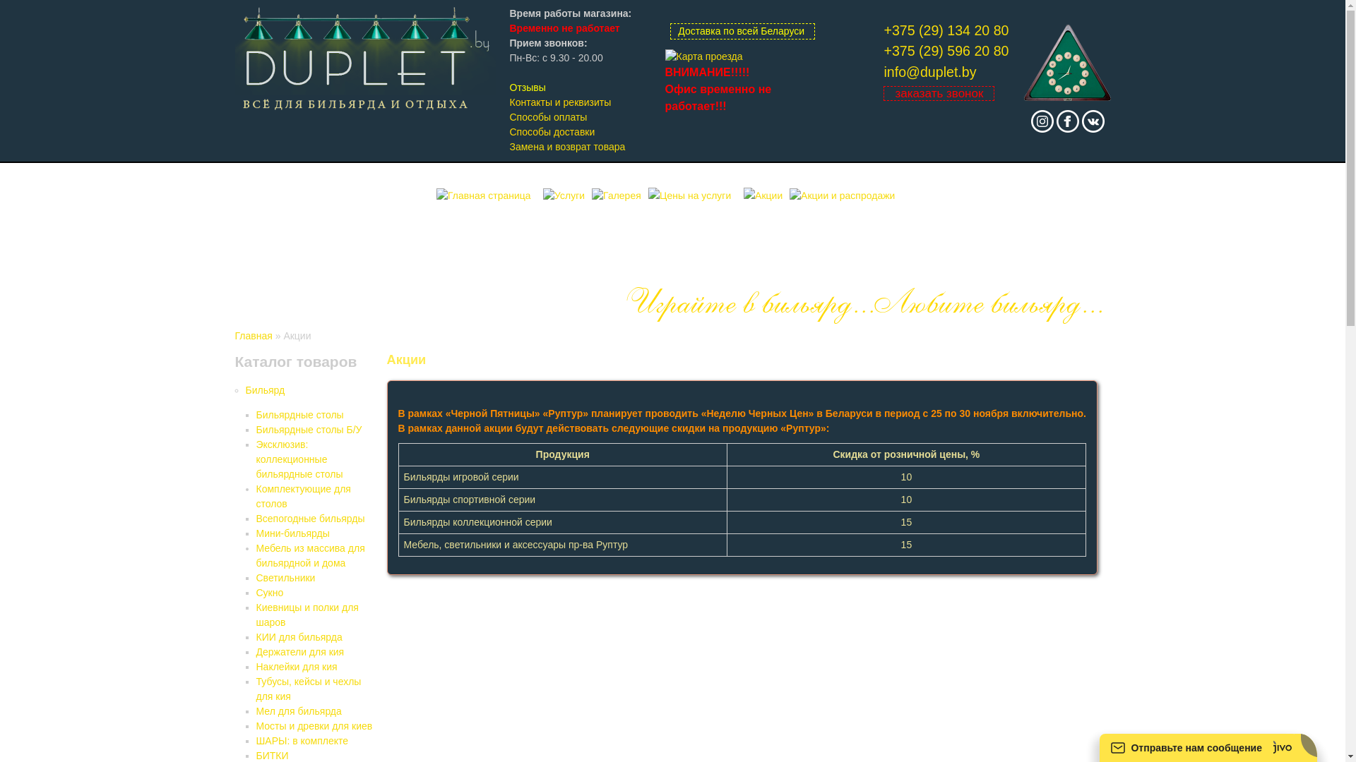  What do you see at coordinates (946, 50) in the screenshot?
I see `'+375 (29) 596 20 80'` at bounding box center [946, 50].